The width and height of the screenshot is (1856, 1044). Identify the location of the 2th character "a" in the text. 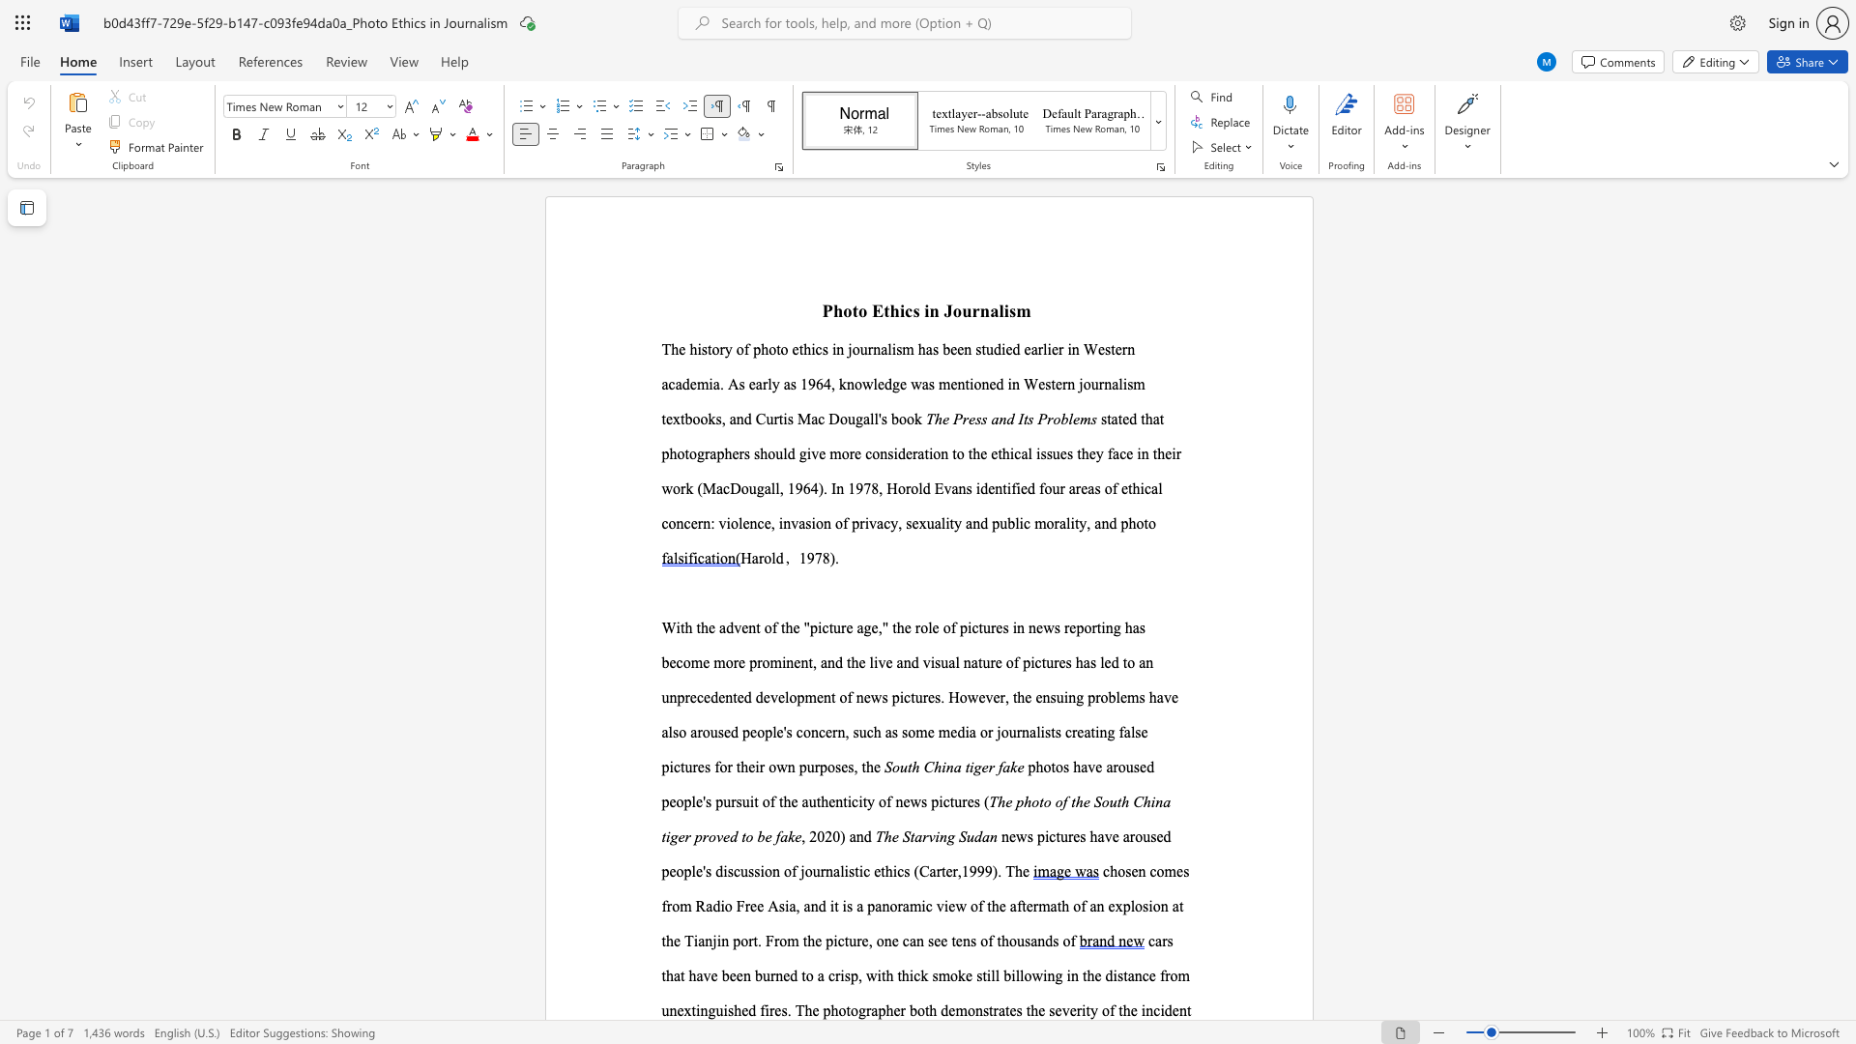
(985, 835).